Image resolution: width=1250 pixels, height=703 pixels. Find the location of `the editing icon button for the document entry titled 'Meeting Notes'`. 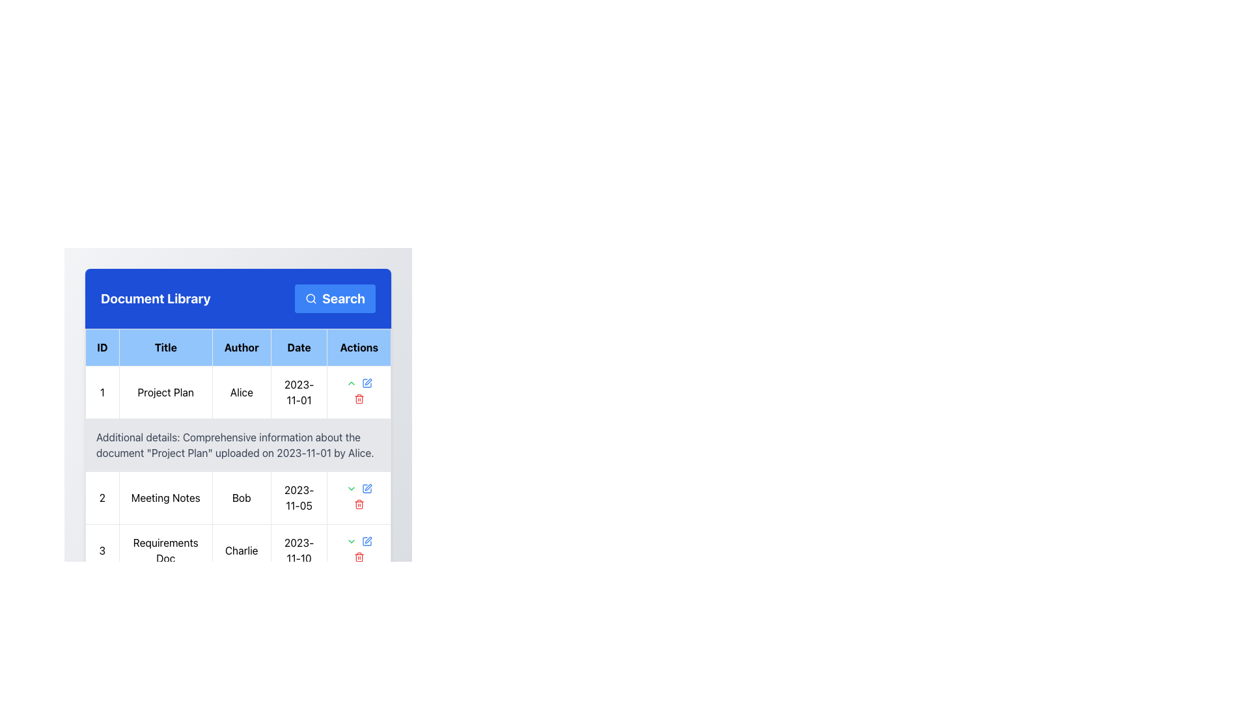

the editing icon button for the document entry titled 'Meeting Notes' is located at coordinates (366, 489).